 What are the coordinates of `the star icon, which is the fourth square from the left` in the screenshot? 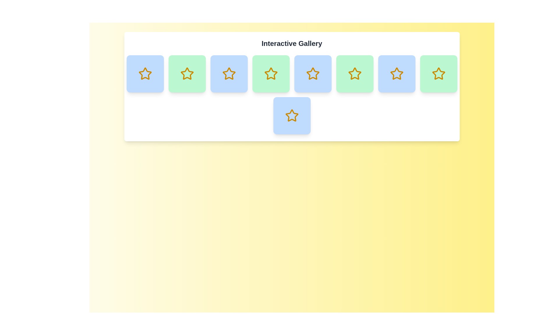 It's located at (354, 74).